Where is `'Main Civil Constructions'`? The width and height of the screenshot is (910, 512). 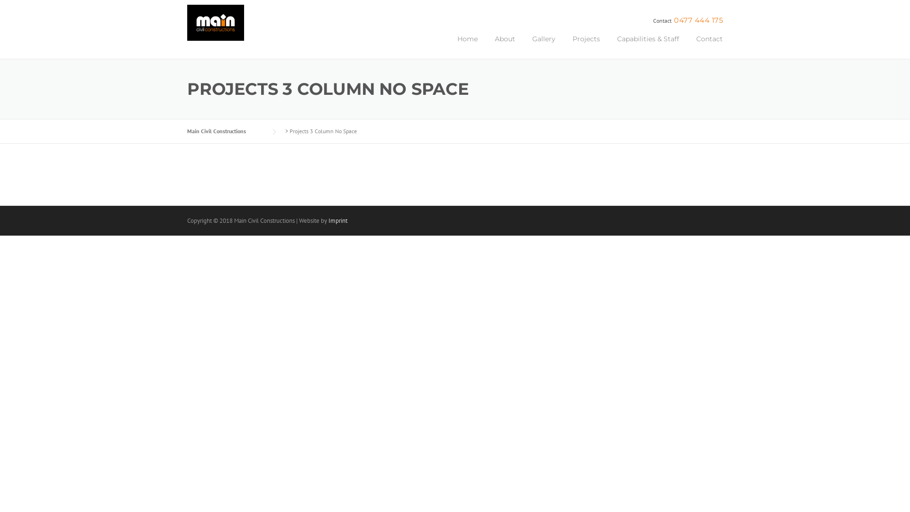
'Main Civil Constructions' is located at coordinates (187, 131).